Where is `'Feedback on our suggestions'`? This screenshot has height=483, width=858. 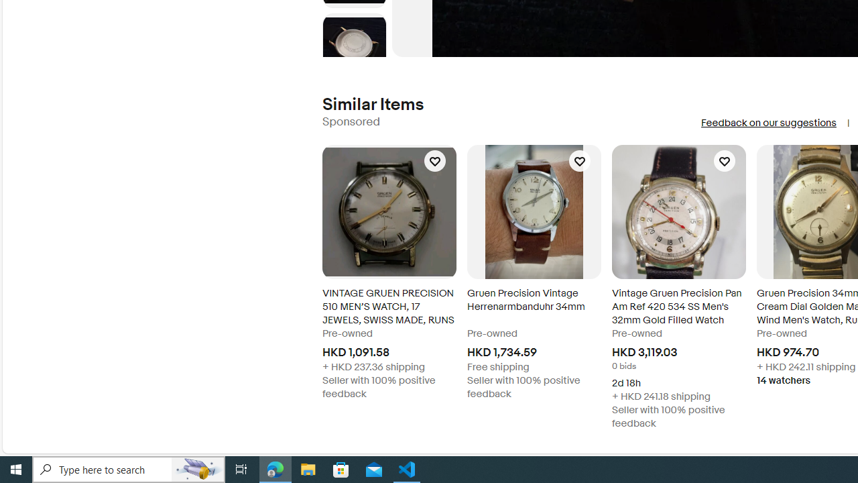 'Feedback on our suggestions' is located at coordinates (768, 123).